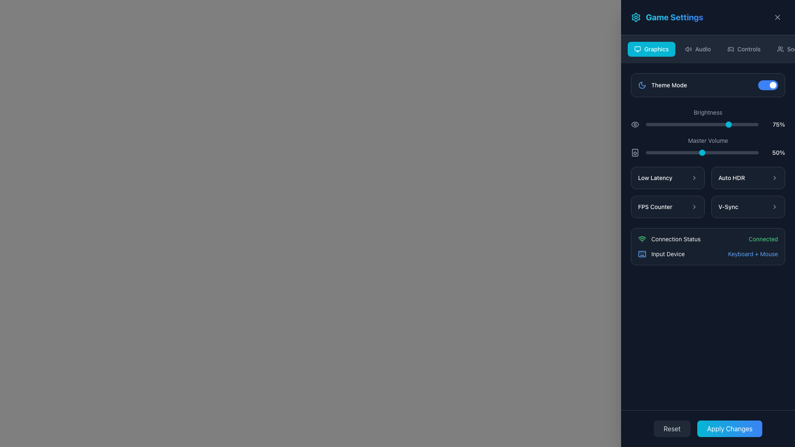 Image resolution: width=795 pixels, height=447 pixels. I want to click on the close button located at the top-right corner of the dialog header to observe the style change, so click(777, 17).